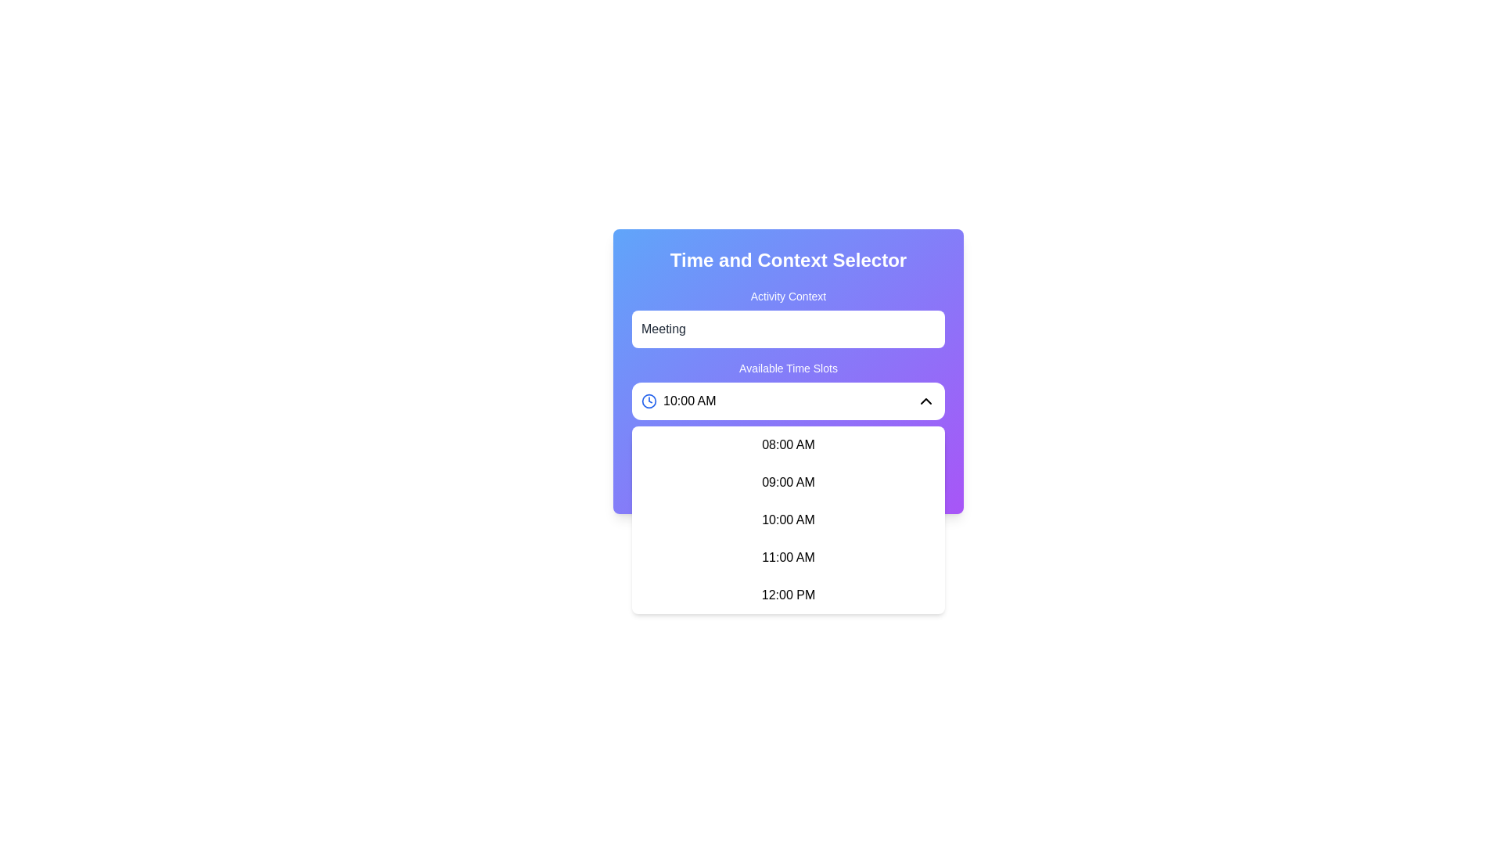 This screenshot has width=1502, height=845. I want to click on the clock icon within the 'Available Time Slots' dropdown, which features a blue circular outline and minimalistic hands, positioned next to the '10:00 AM' text, so click(649, 401).